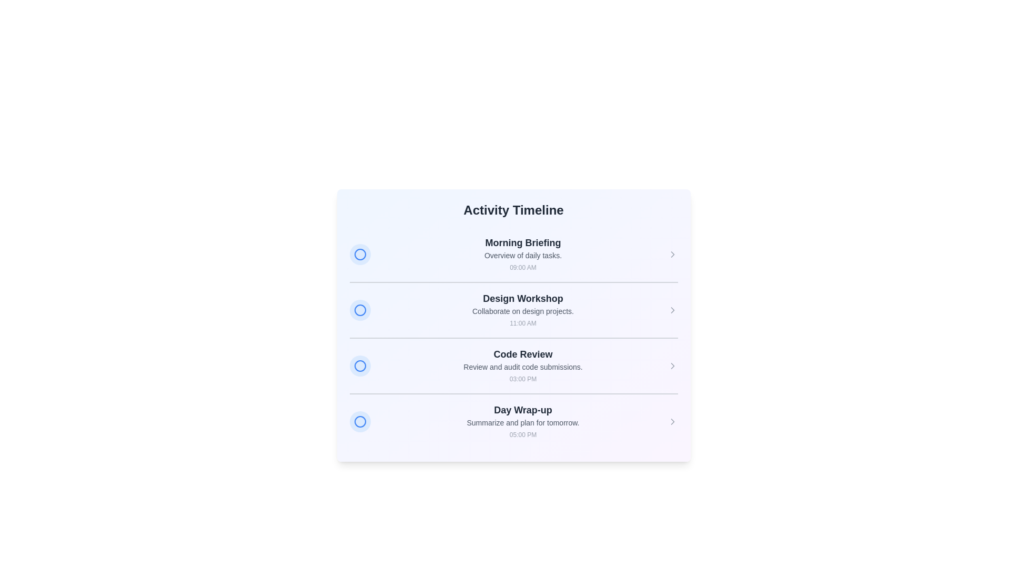  I want to click on the blue circular icon adjacent to the 'Morning Briefing' task entry to initiate an action or display details, so click(360, 254).